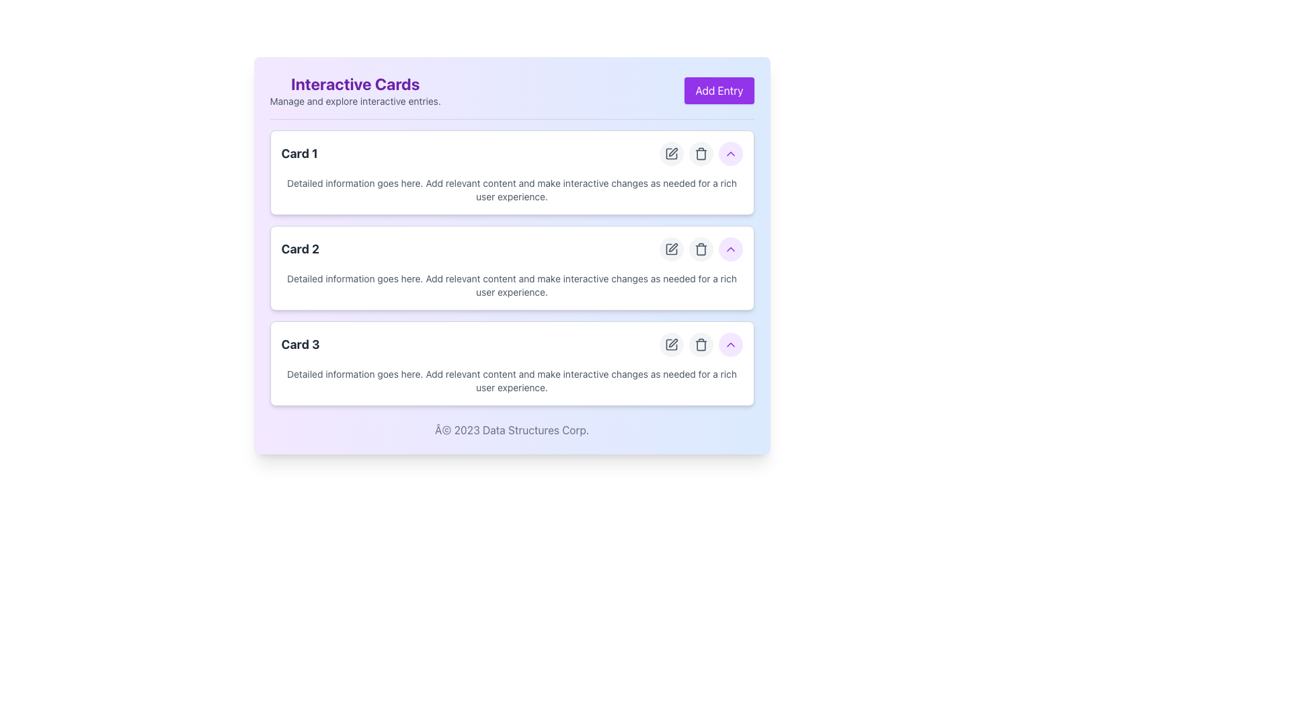  What do you see at coordinates (299, 153) in the screenshot?
I see `the non-interactive text label that serves as the title for the first card, positioned at the top left area of the first card` at bounding box center [299, 153].